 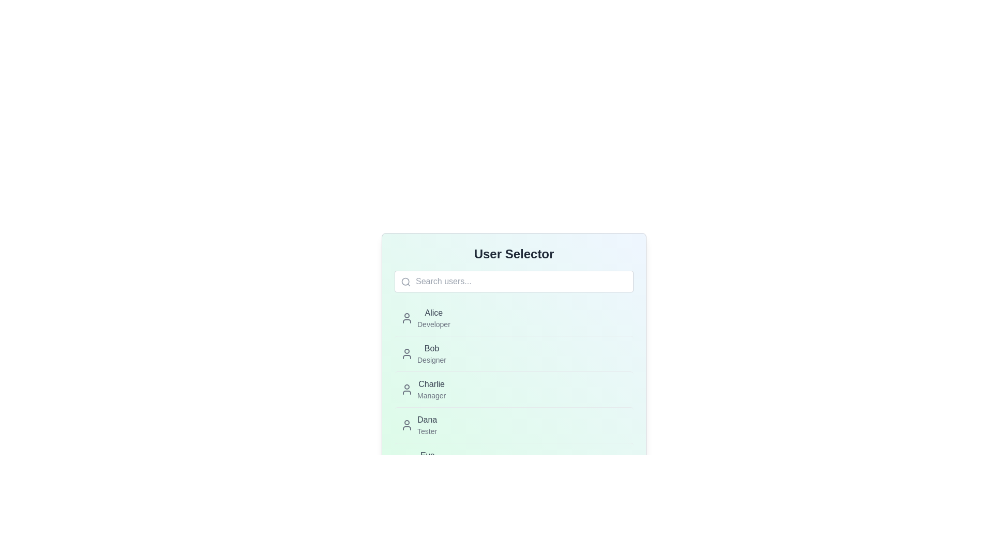 I want to click on to select the user 'Dana Tester' from the fourth item in the 'User Selector' panel, so click(x=514, y=425).